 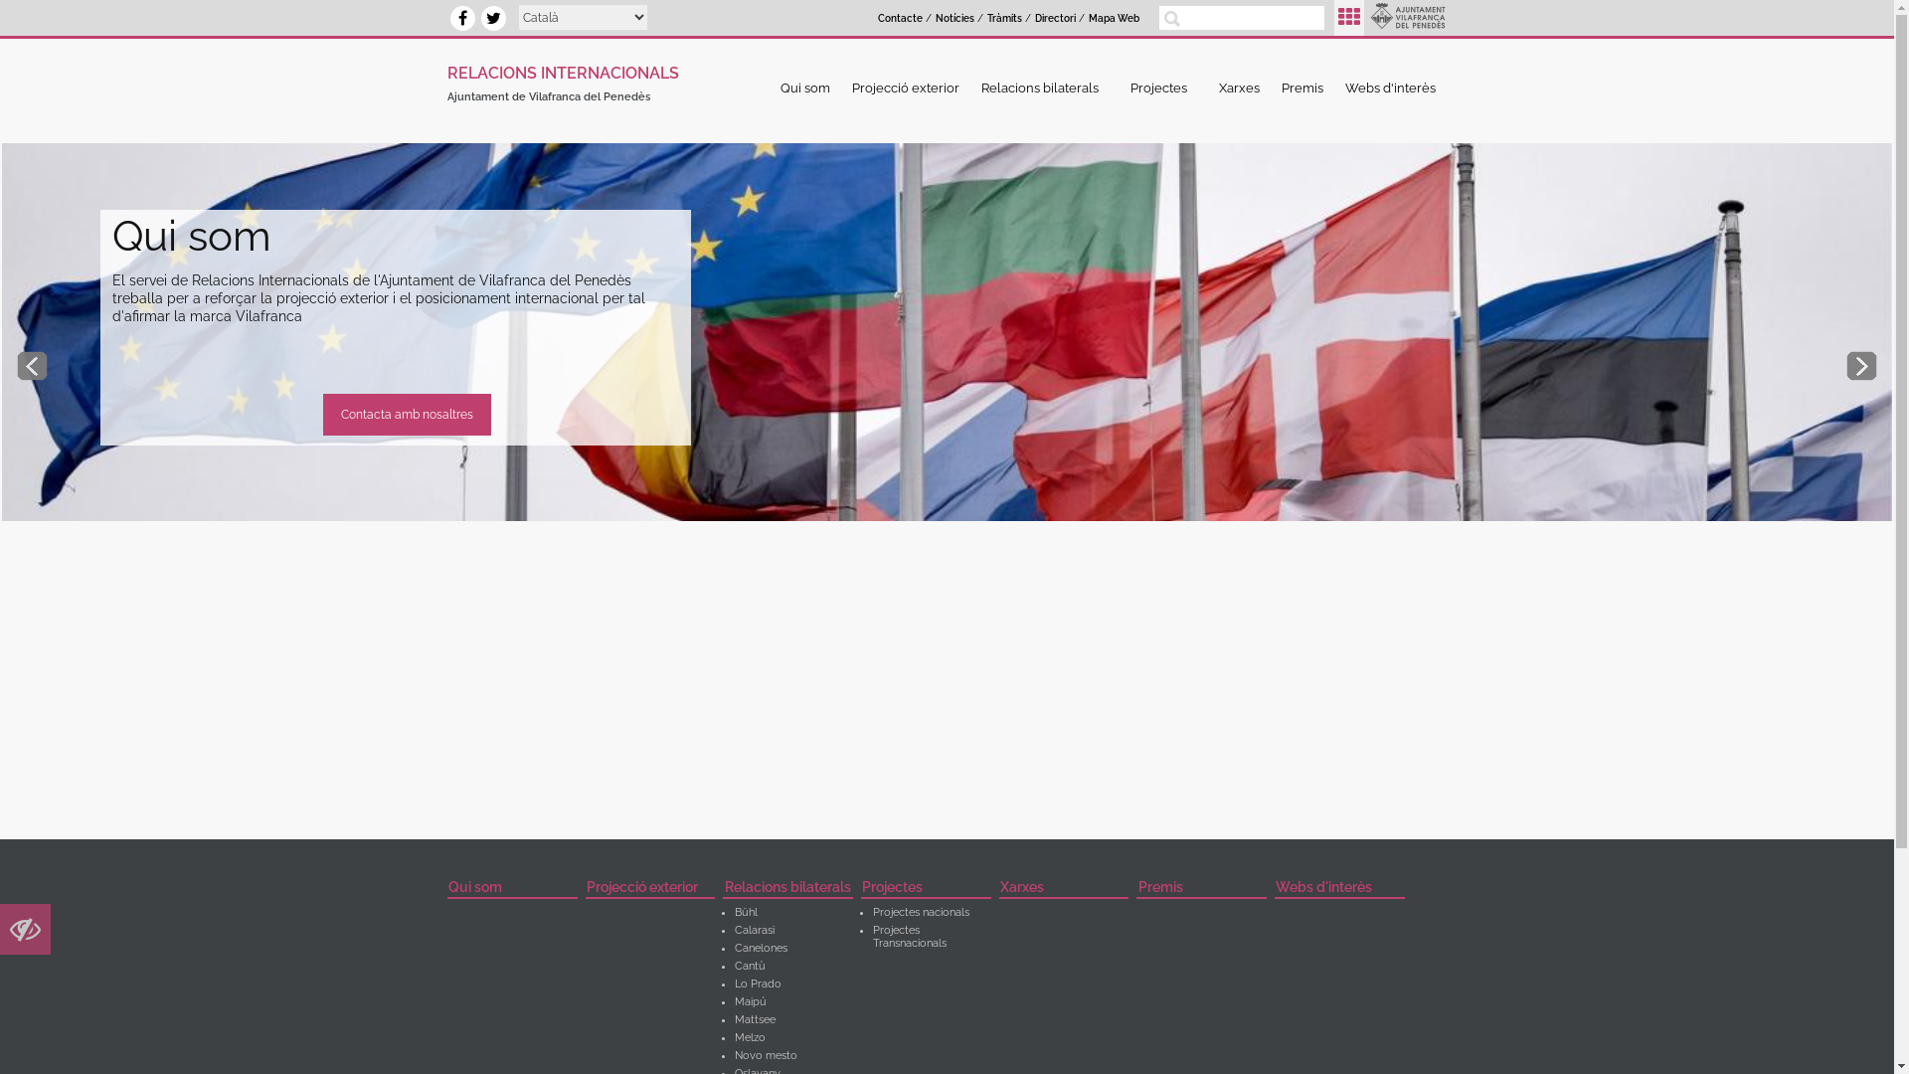 I want to click on 'Contacte', so click(x=899, y=19).